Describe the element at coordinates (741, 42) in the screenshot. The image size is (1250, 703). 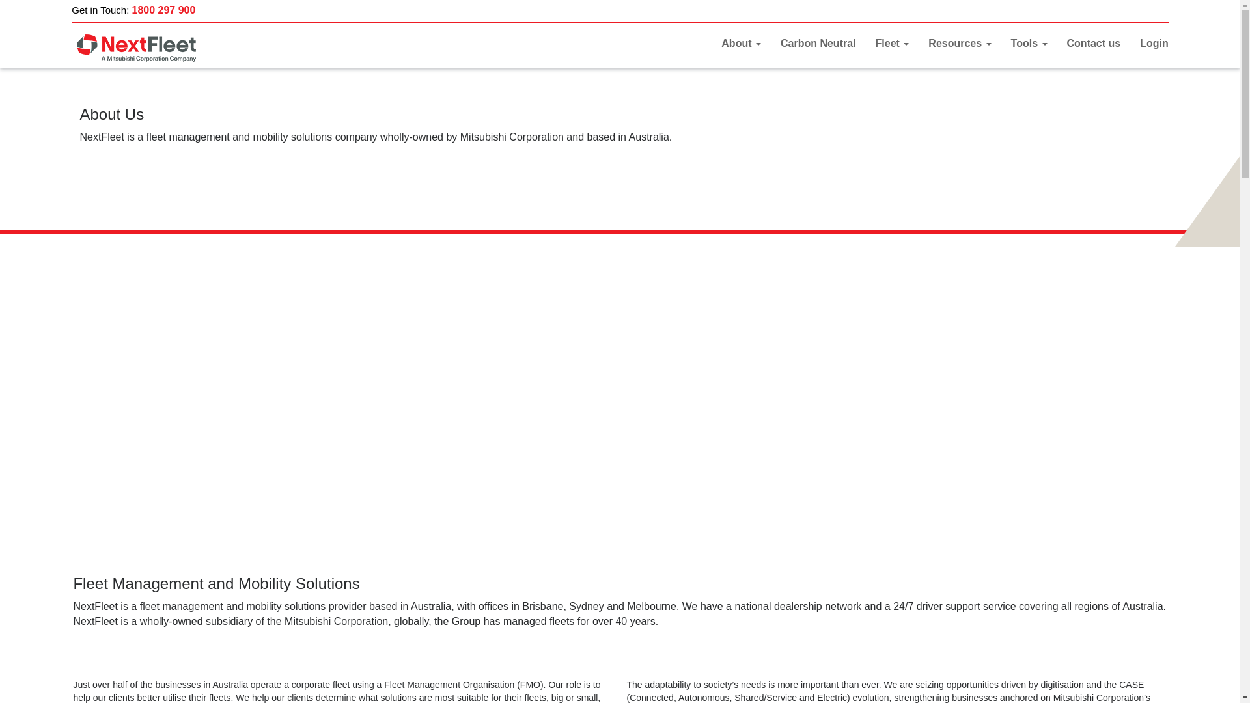
I see `'About'` at that location.